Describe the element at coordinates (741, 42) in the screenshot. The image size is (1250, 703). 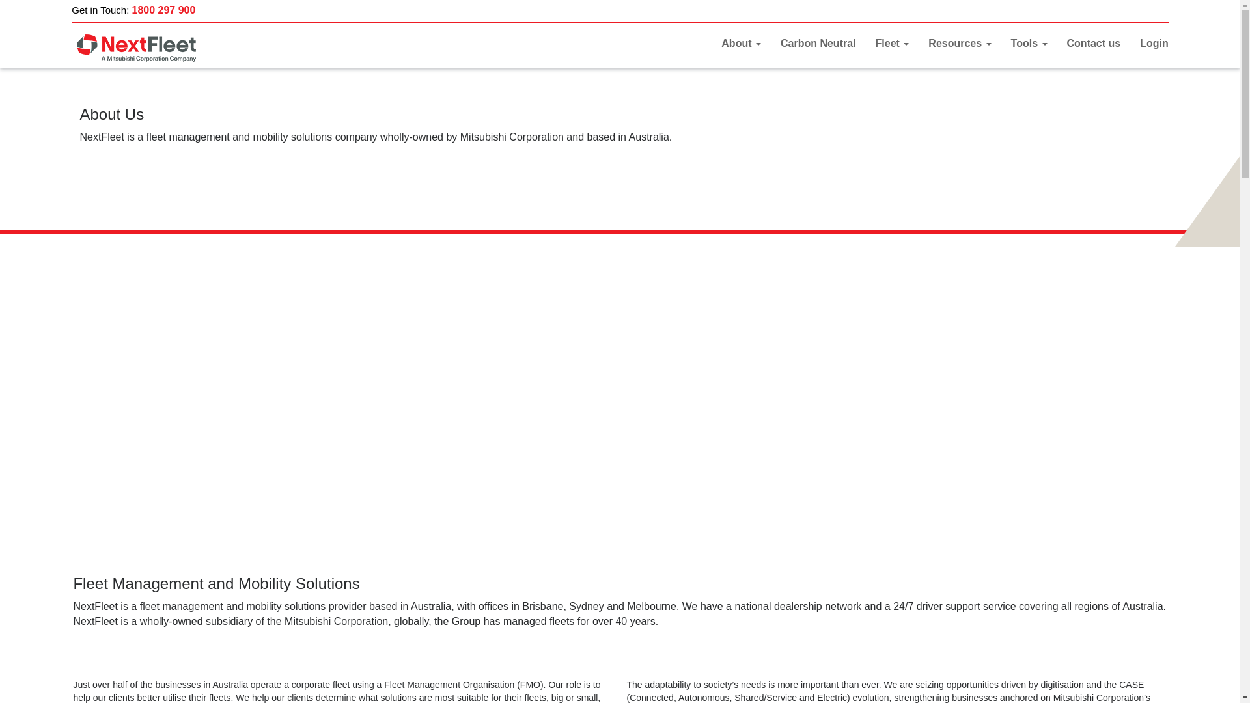
I see `'About'` at that location.